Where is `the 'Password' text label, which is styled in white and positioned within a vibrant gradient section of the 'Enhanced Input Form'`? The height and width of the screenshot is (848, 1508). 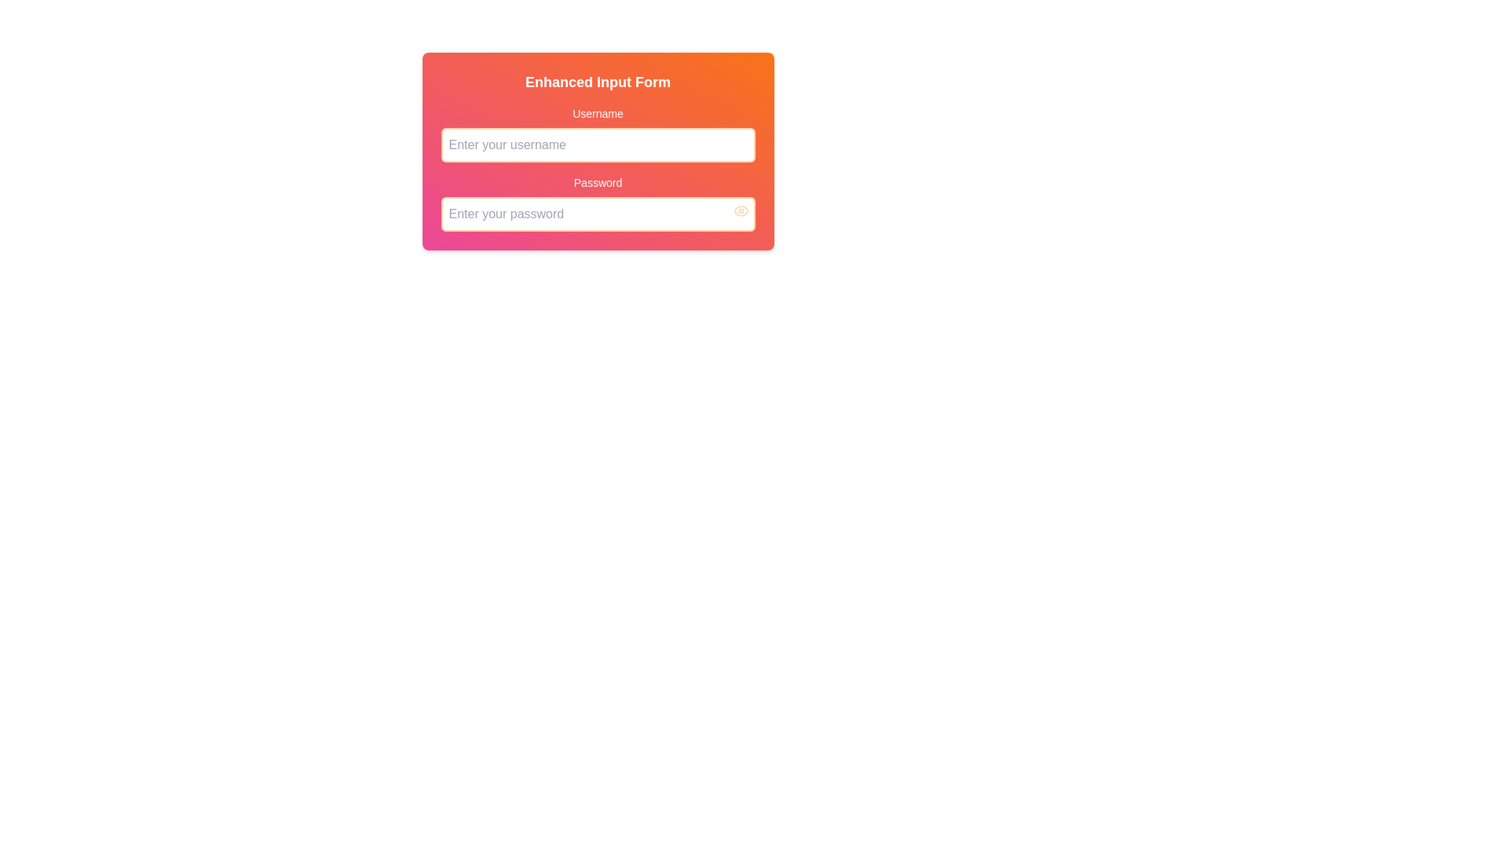 the 'Password' text label, which is styled in white and positioned within a vibrant gradient section of the 'Enhanced Input Form' is located at coordinates (597, 181).